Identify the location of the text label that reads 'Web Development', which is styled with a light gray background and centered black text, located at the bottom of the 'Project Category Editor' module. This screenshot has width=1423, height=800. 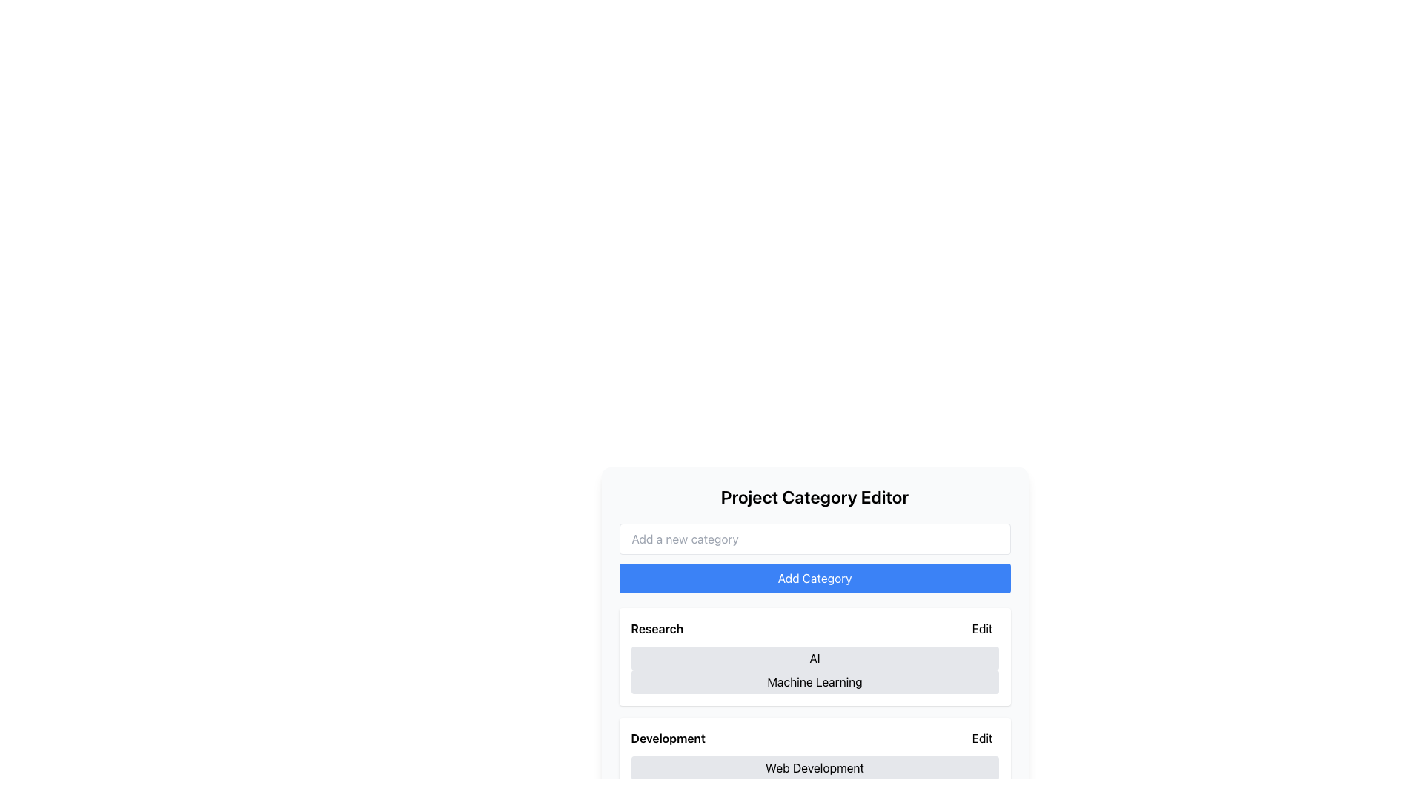
(814, 767).